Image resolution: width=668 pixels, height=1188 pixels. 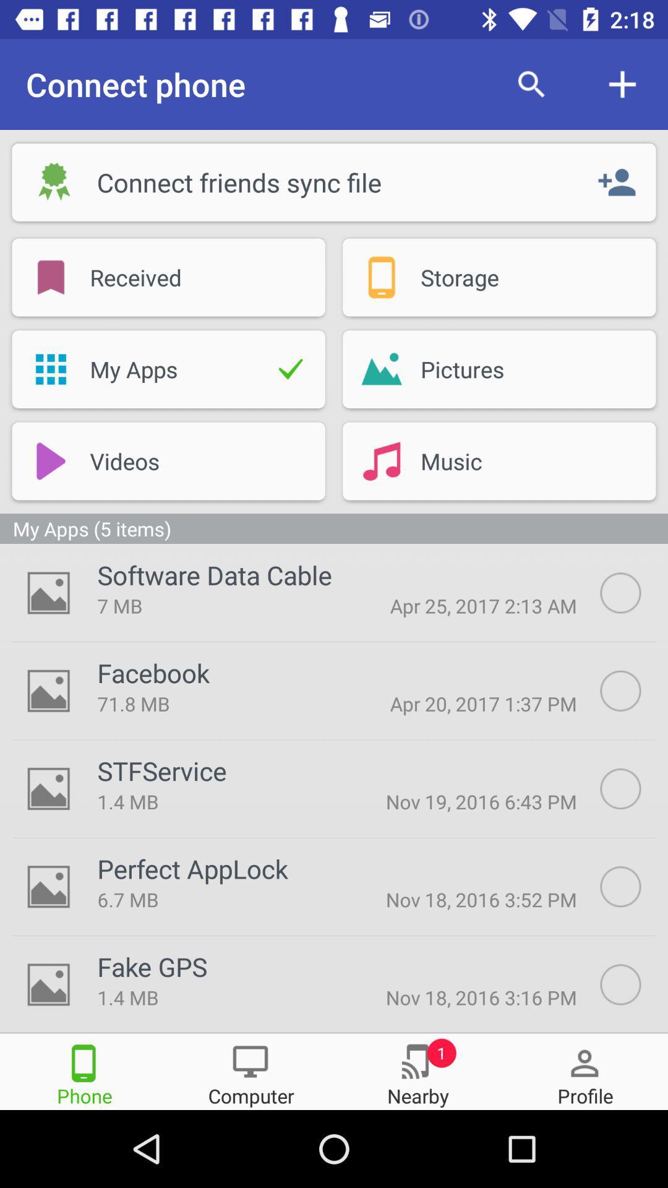 I want to click on the app below facebook app, so click(x=216, y=704).